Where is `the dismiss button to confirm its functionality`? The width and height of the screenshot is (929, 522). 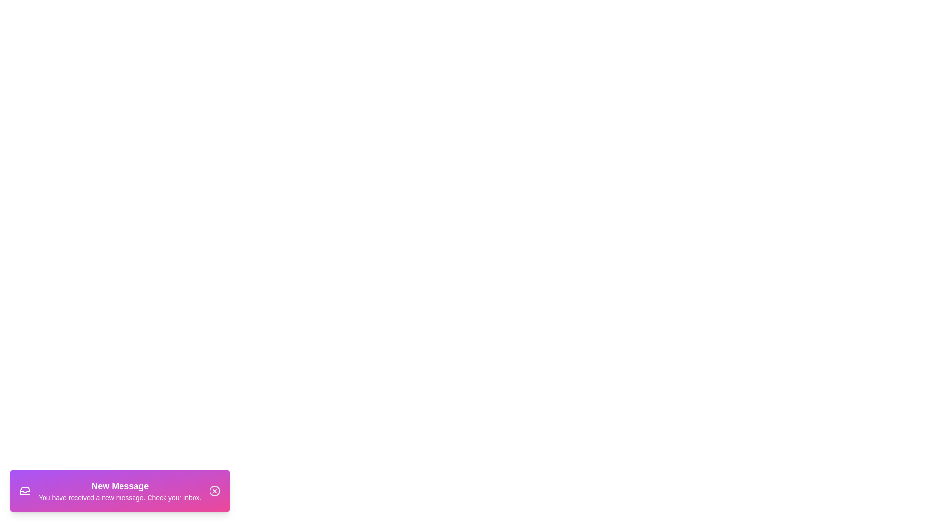 the dismiss button to confirm its functionality is located at coordinates (214, 491).